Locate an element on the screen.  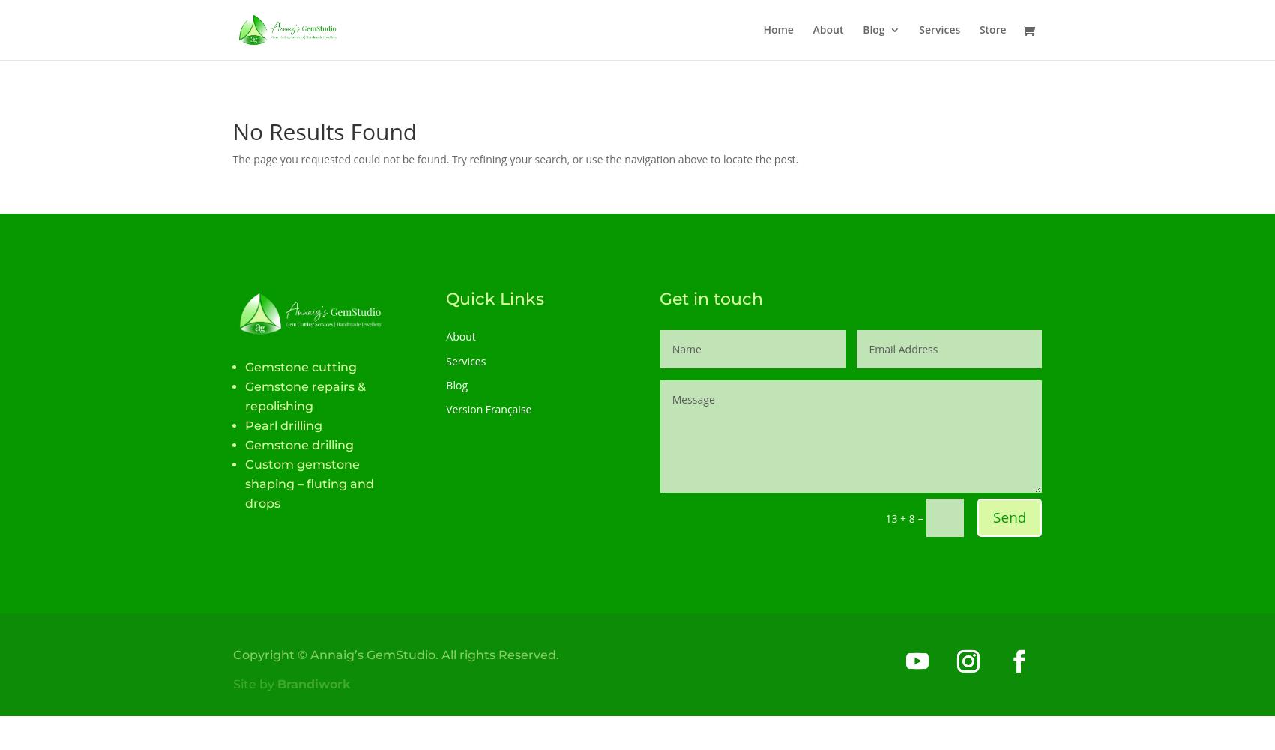
'Store' is located at coordinates (992, 29).